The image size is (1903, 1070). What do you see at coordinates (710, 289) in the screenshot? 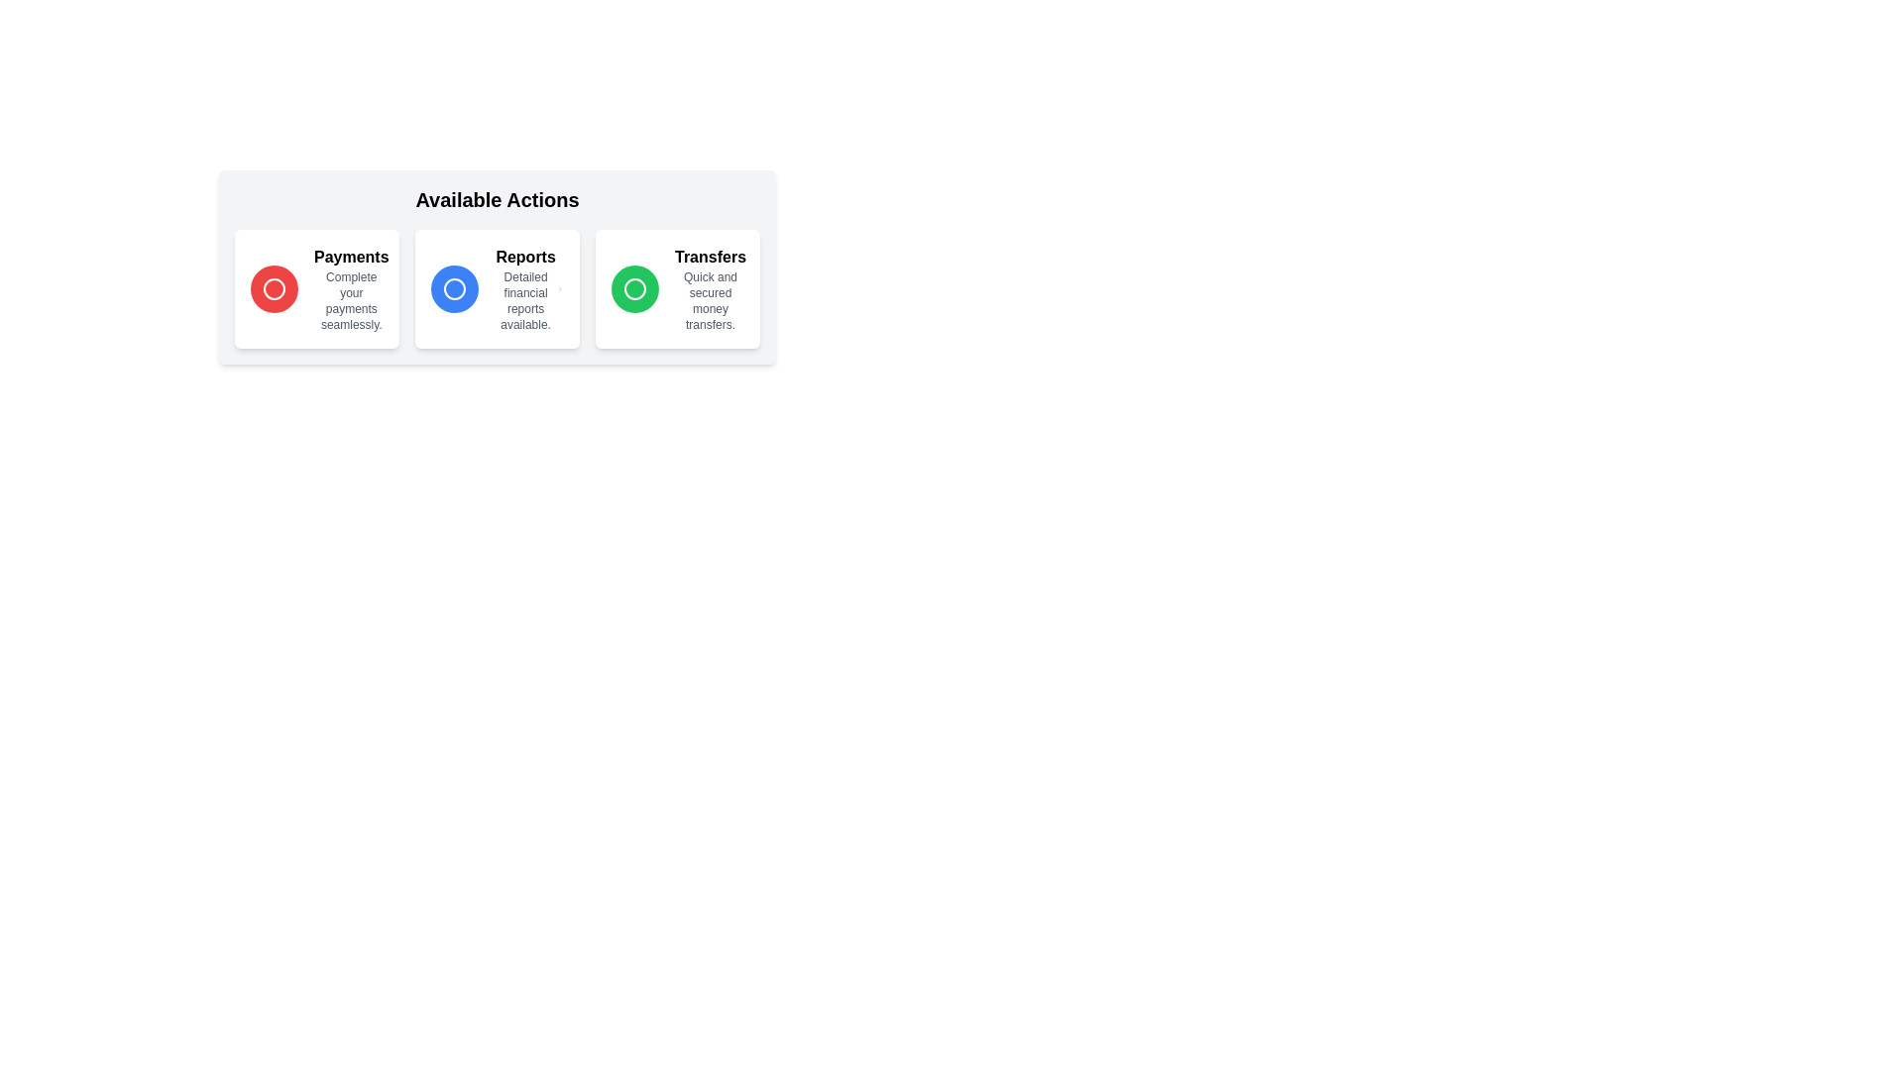
I see `the text label displaying 'Transfers' in bold and 'Quick and secured money transfers.' in smaller gray font, located in the rightmost card of three cards under the title 'Available Actions'` at bounding box center [710, 289].